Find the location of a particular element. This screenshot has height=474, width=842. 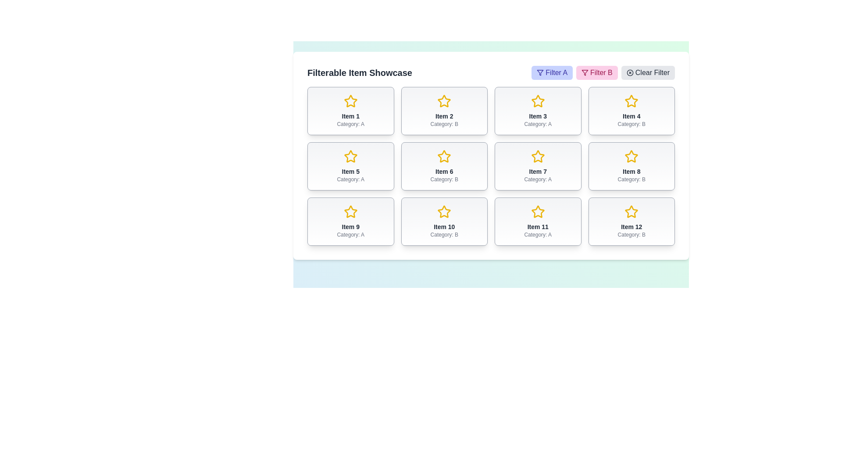

the star icon in the top-left corner of the first card for visual feedback is located at coordinates (350, 101).